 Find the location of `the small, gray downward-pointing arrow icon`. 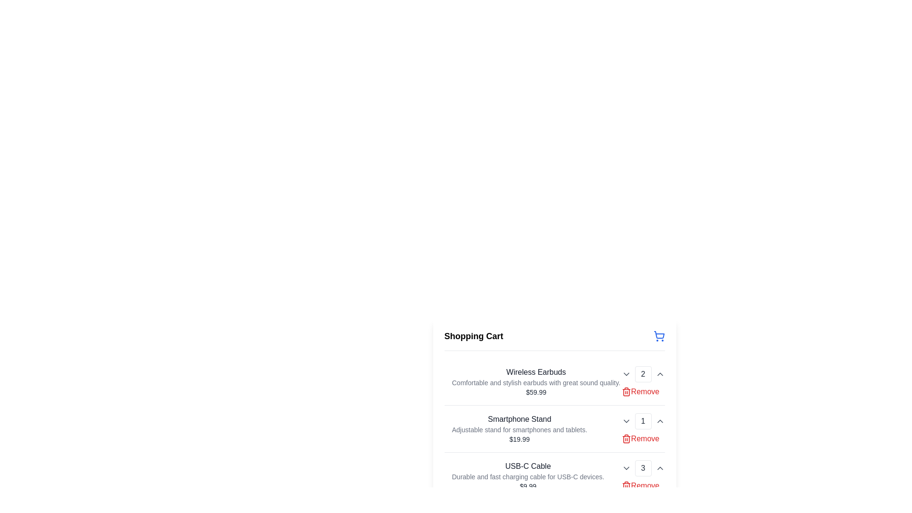

the small, gray downward-pointing arrow icon is located at coordinates (626, 421).